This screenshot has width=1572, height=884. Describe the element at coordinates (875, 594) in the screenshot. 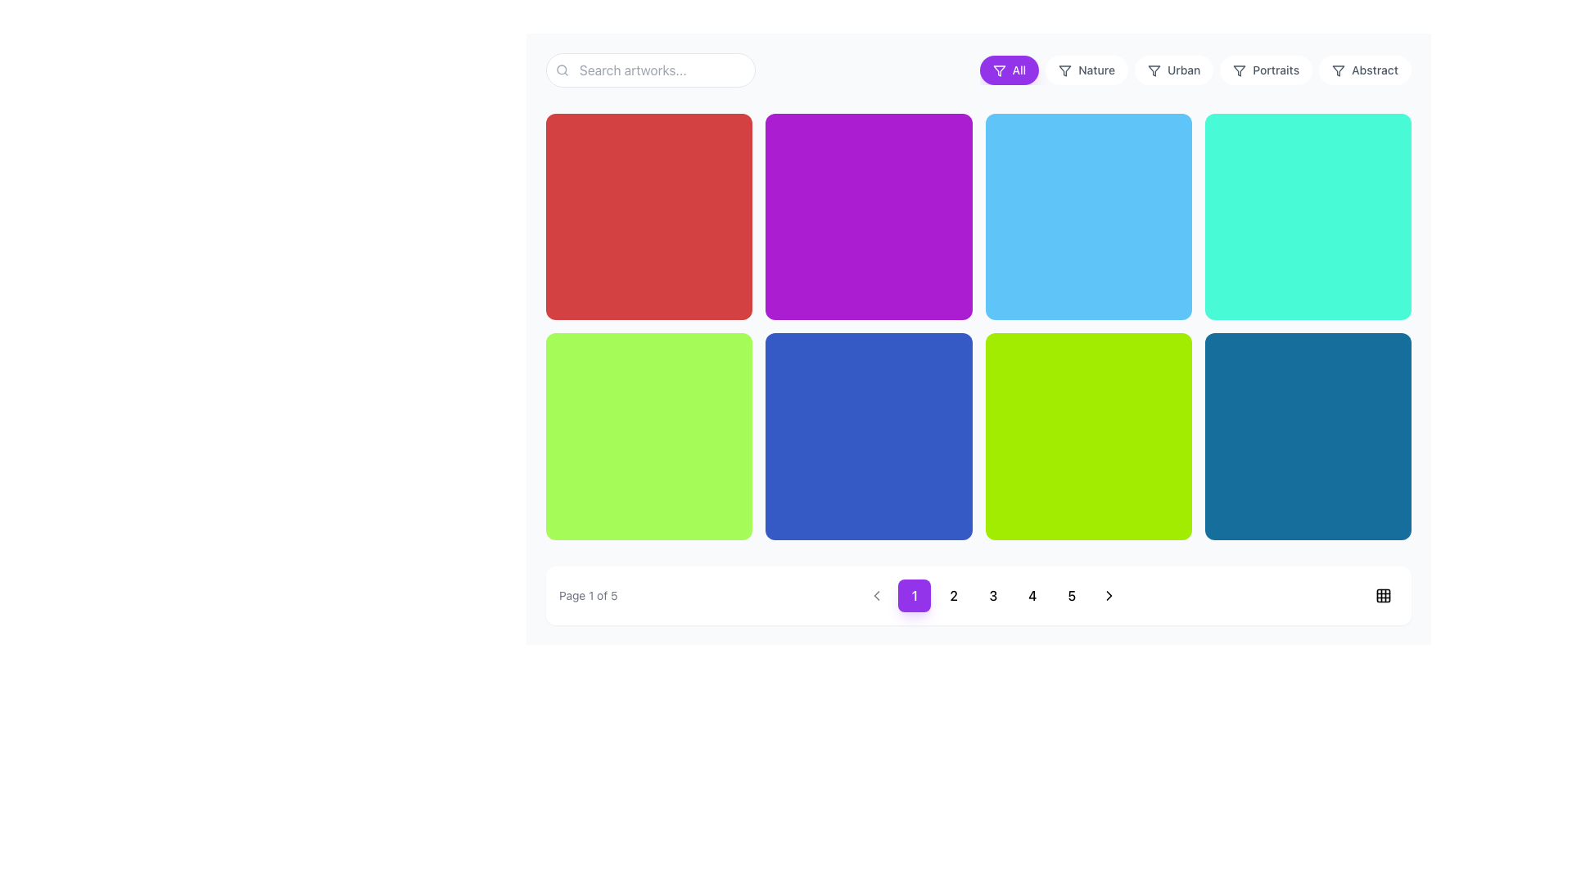

I see `the small square button with a left-pointing chevron icon located immediately to the left of the '1' page button in the pagination control` at that location.